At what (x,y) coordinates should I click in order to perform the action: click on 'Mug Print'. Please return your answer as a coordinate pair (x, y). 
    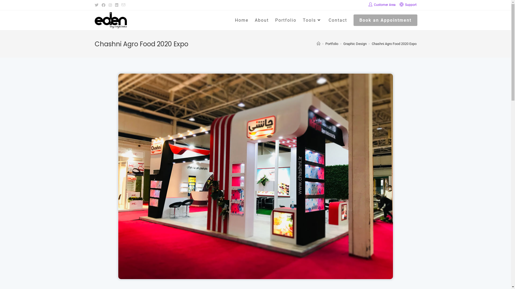
    Looking at the image, I should click on (376, 232).